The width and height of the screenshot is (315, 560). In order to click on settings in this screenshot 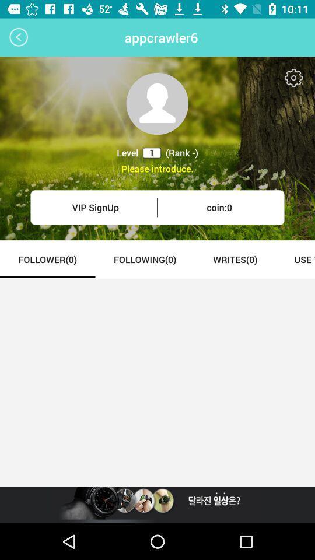, I will do `click(293, 77)`.